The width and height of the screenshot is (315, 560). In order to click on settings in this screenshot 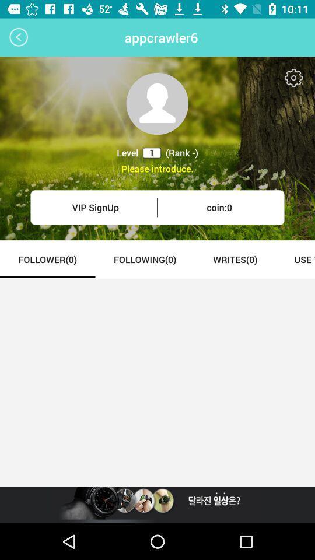, I will do `click(293, 77)`.